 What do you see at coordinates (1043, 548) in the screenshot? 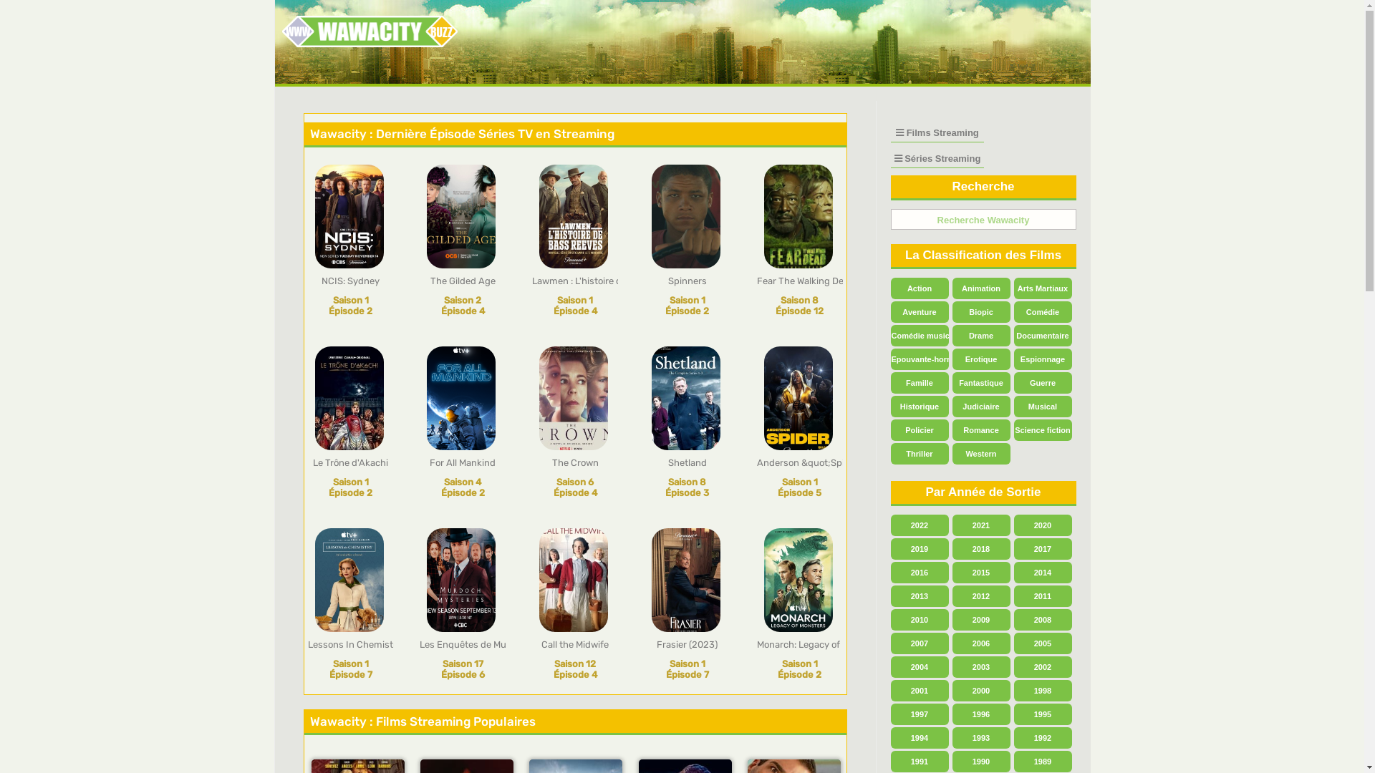
I see `'2017'` at bounding box center [1043, 548].